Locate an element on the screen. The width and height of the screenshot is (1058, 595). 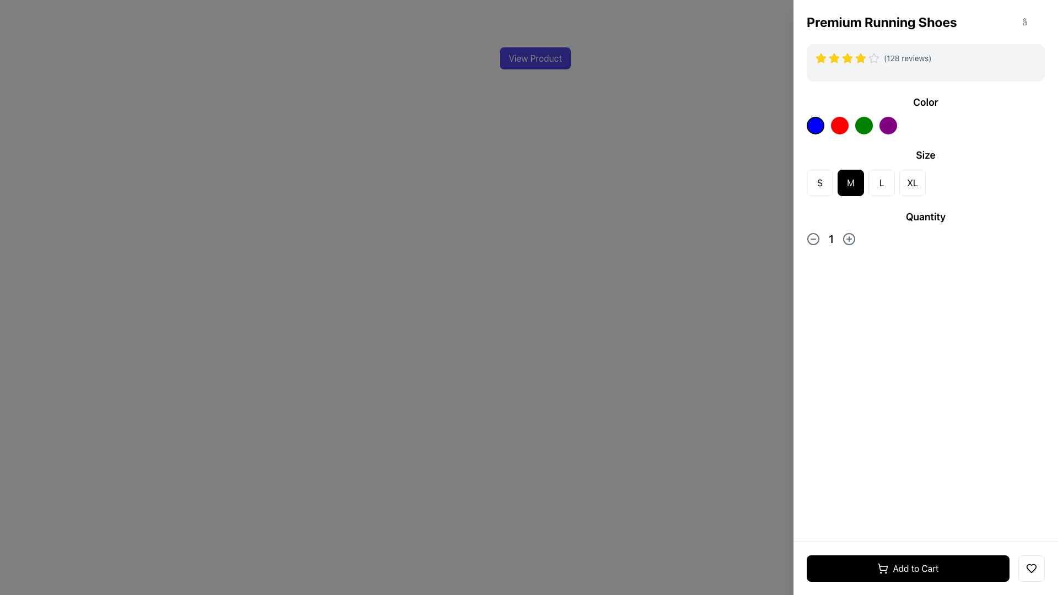
the fourth circular button with a purple background in the 'Color' selection section is located at coordinates (888, 125).